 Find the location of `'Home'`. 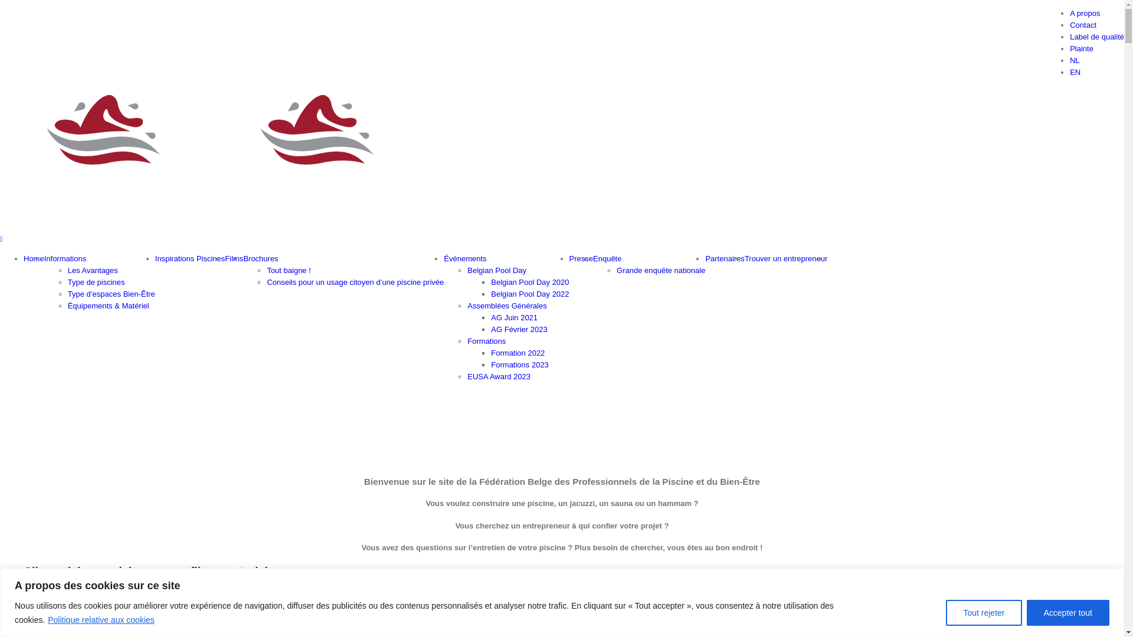

'Home' is located at coordinates (34, 258).